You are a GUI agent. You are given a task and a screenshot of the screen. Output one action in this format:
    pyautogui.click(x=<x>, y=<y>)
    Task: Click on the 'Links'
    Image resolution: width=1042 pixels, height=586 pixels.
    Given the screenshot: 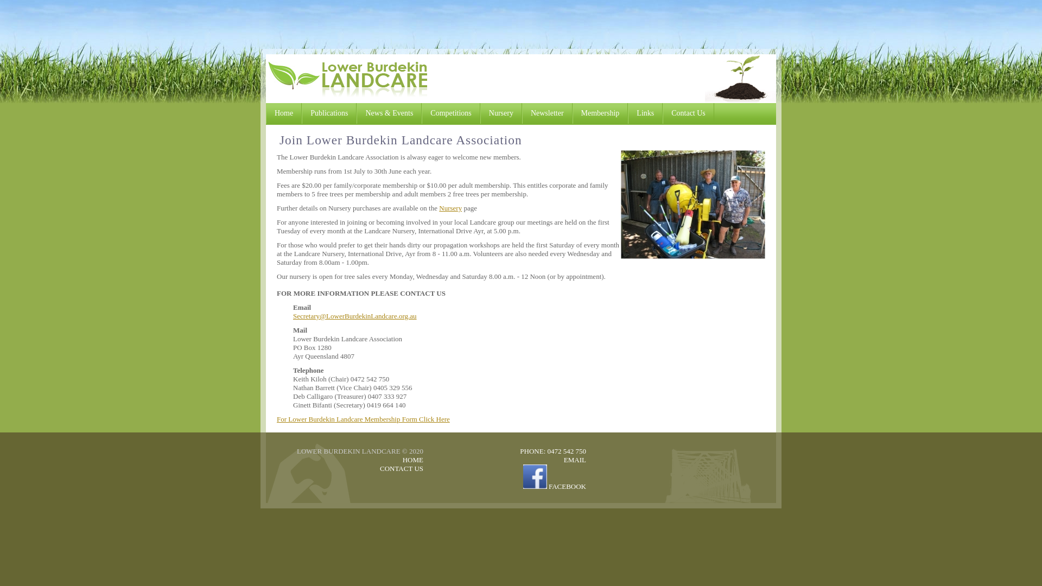 What is the action you would take?
    pyautogui.click(x=627, y=113)
    